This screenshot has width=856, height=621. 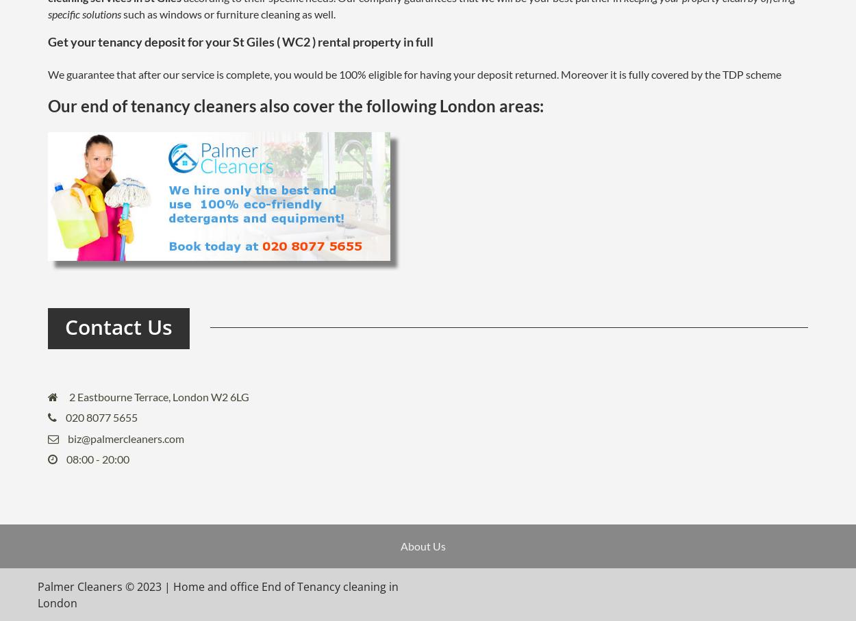 What do you see at coordinates (98, 457) in the screenshot?
I see `'08:00 - 20:00'` at bounding box center [98, 457].